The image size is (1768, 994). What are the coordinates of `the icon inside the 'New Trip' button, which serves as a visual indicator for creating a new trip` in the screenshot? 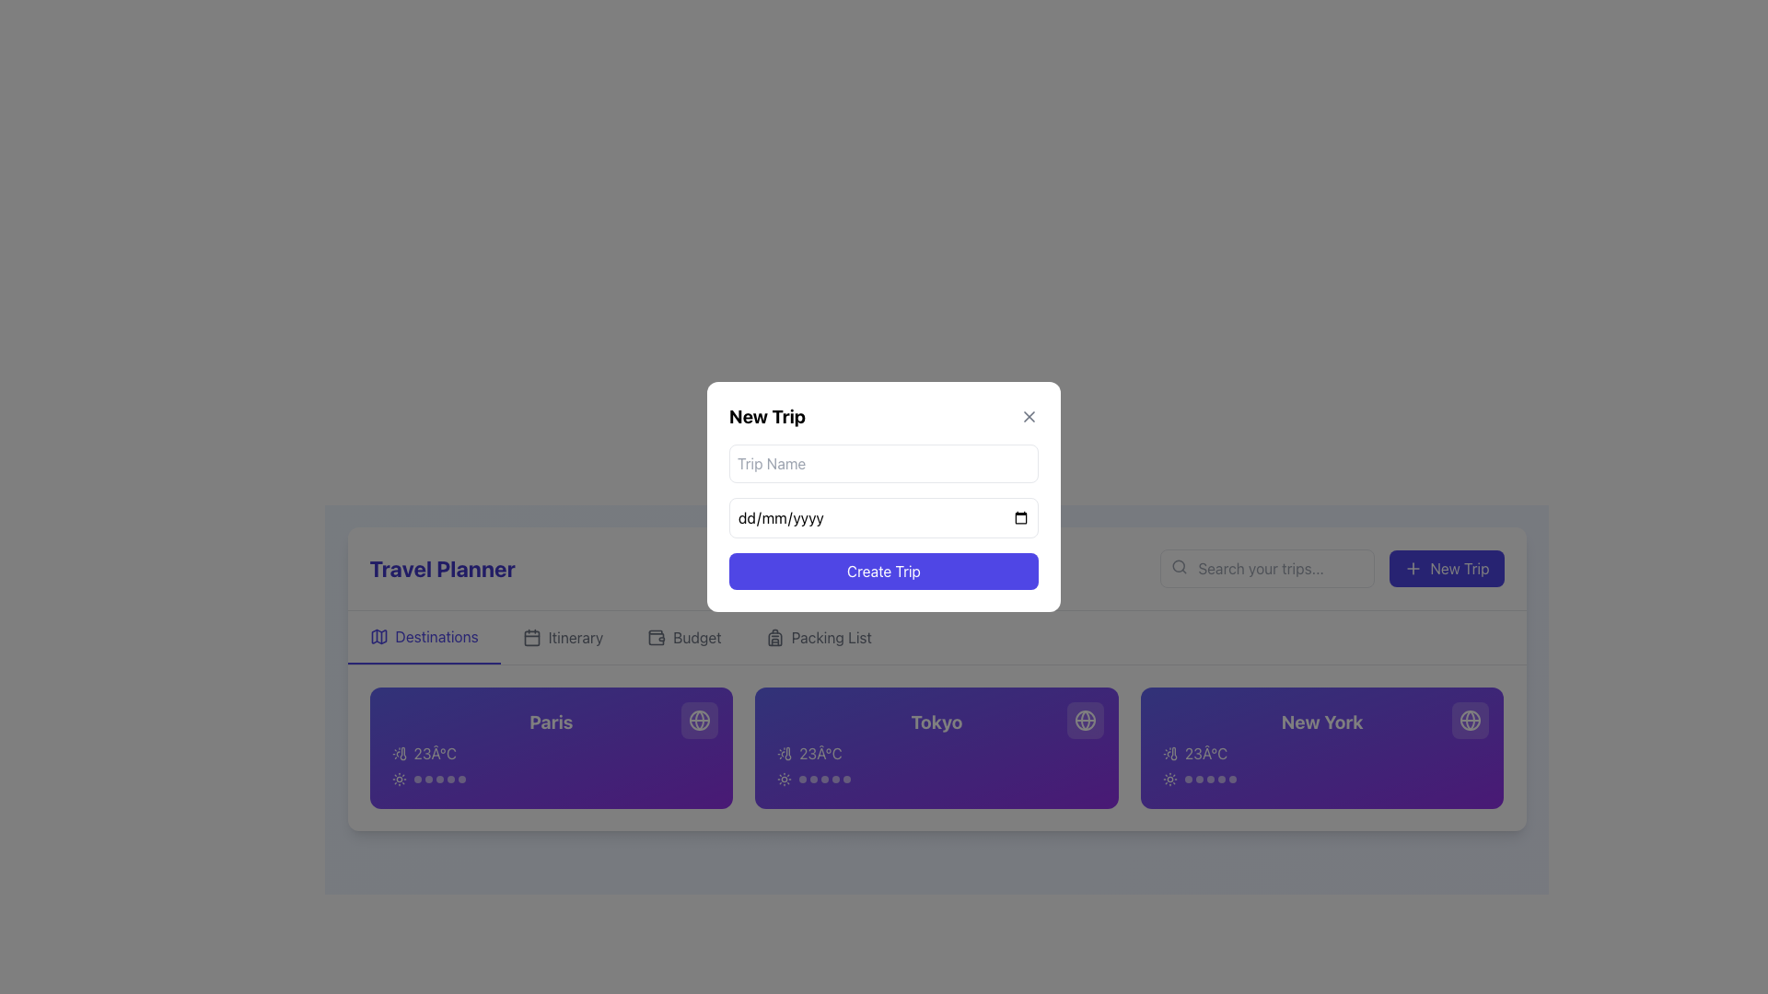 It's located at (1413, 567).